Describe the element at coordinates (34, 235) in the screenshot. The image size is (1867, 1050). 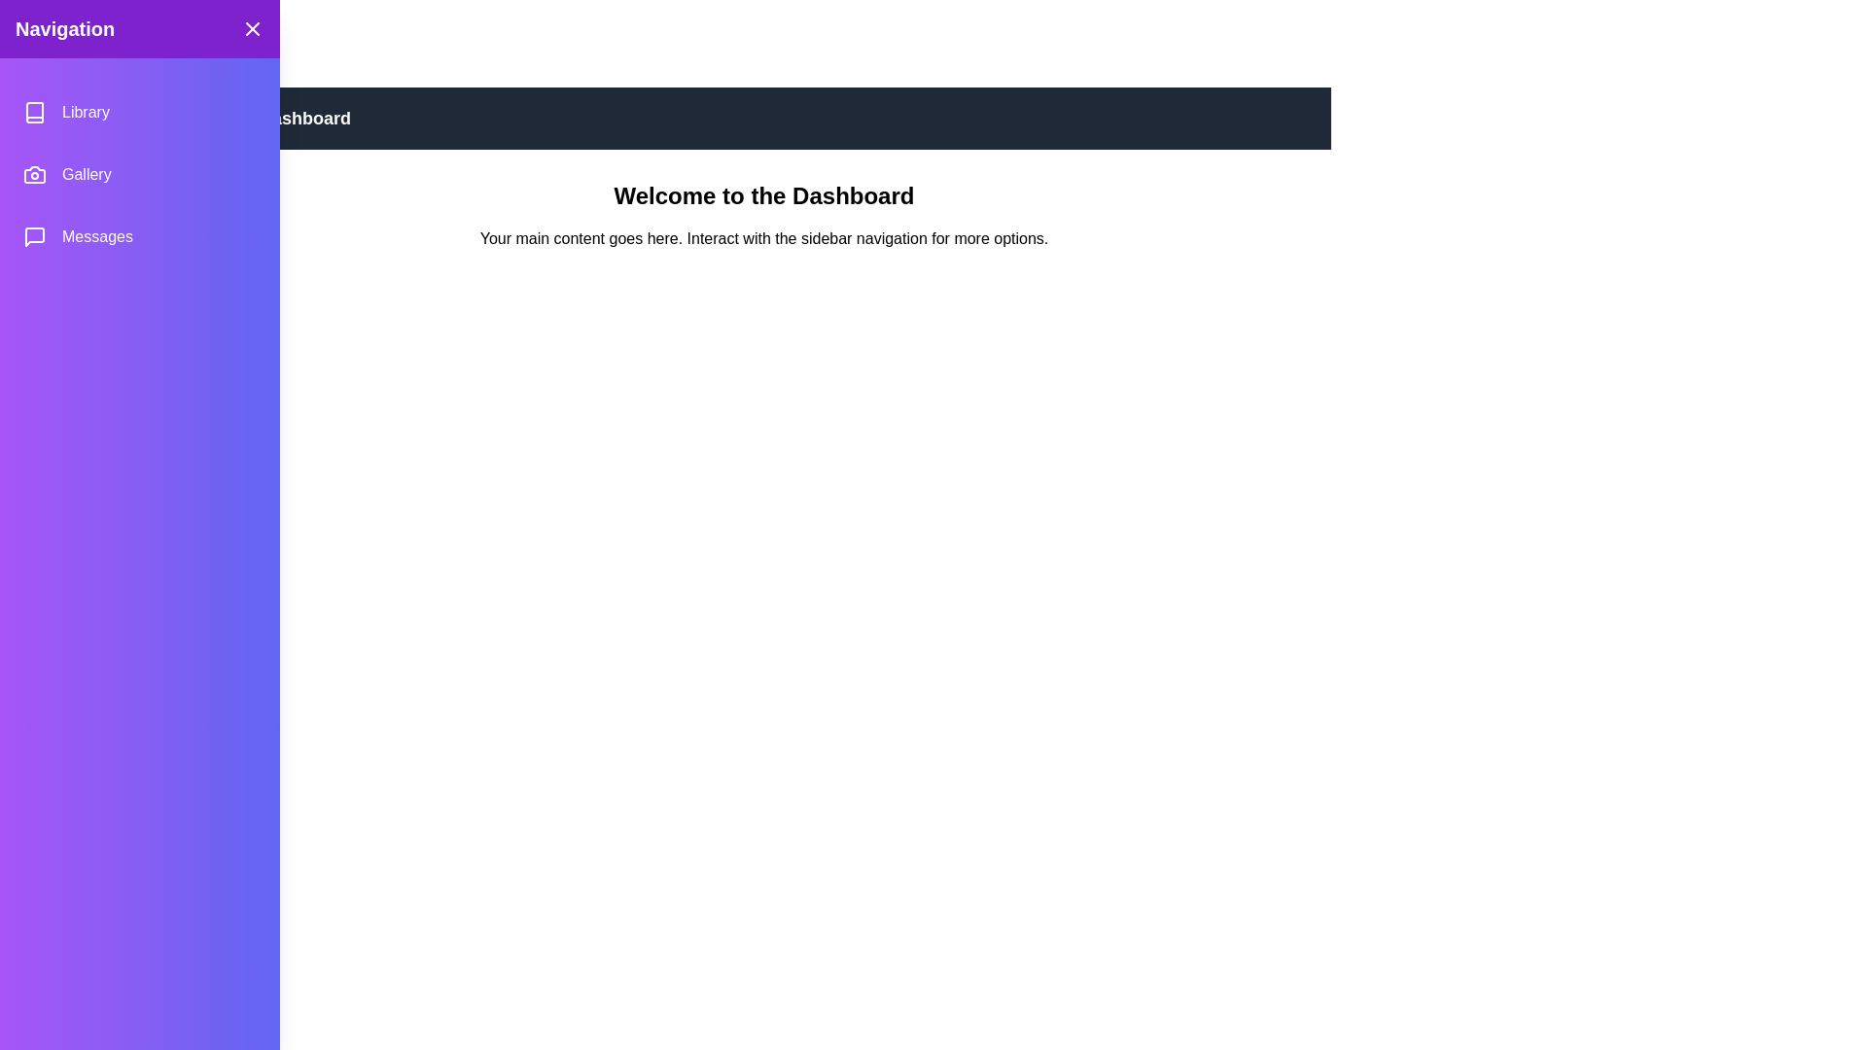
I see `the SVG icon representing messages in the navigation menu, located to the left of the 'Messages' label` at that location.